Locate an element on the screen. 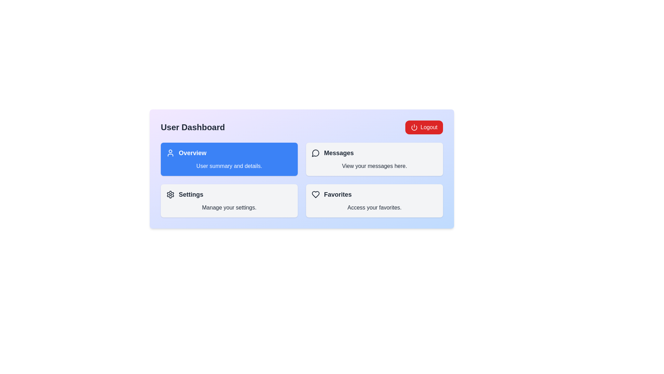 The width and height of the screenshot is (664, 374). the 'Settings' icon located in the bottom-left quadrant of the main dashboard area, next to the text 'Manage your settings.' is located at coordinates (170, 195).